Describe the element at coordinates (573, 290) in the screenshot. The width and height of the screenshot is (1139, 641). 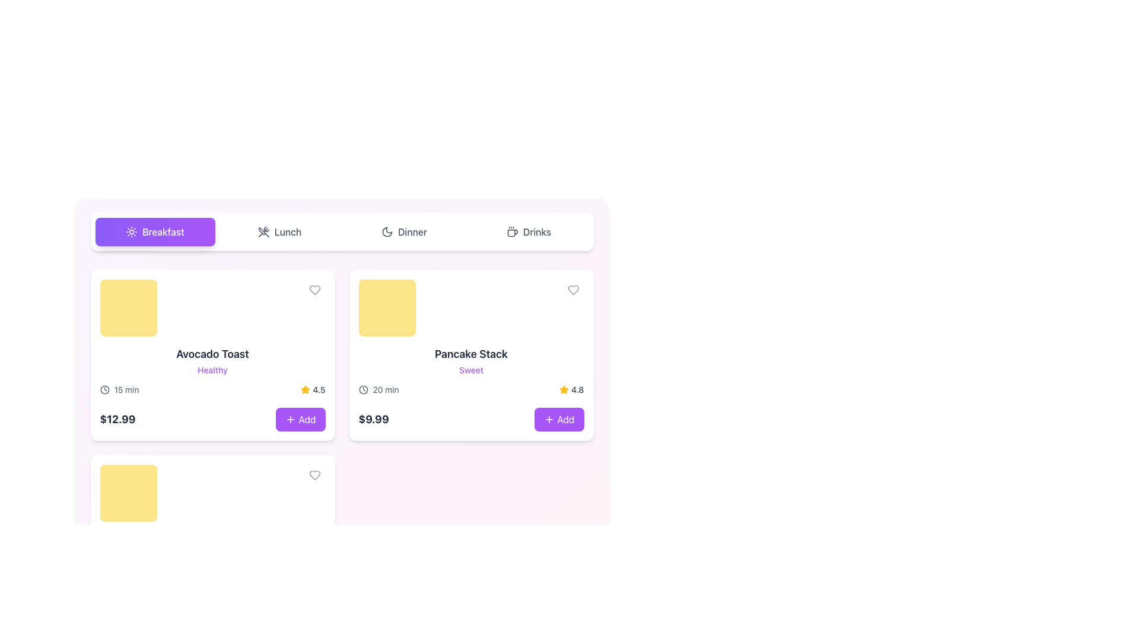
I see `the circular button with a heart icon located at the top-right corner of the 'Pancake Stack' product card` at that location.